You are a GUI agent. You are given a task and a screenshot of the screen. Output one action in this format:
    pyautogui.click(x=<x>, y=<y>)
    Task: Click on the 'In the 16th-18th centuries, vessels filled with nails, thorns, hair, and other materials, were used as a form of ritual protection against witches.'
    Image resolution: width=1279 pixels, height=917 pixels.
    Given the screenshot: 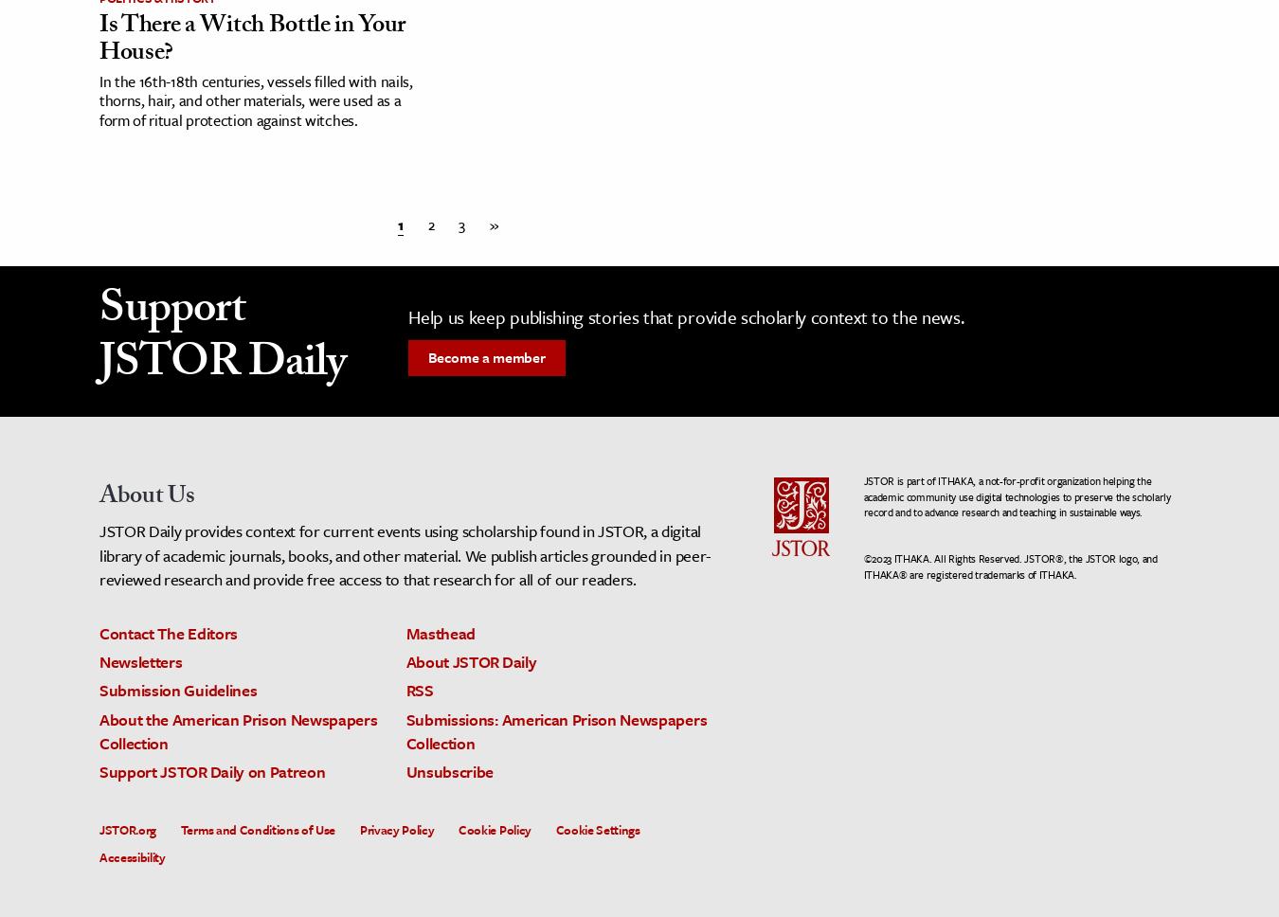 What is the action you would take?
    pyautogui.click(x=99, y=99)
    